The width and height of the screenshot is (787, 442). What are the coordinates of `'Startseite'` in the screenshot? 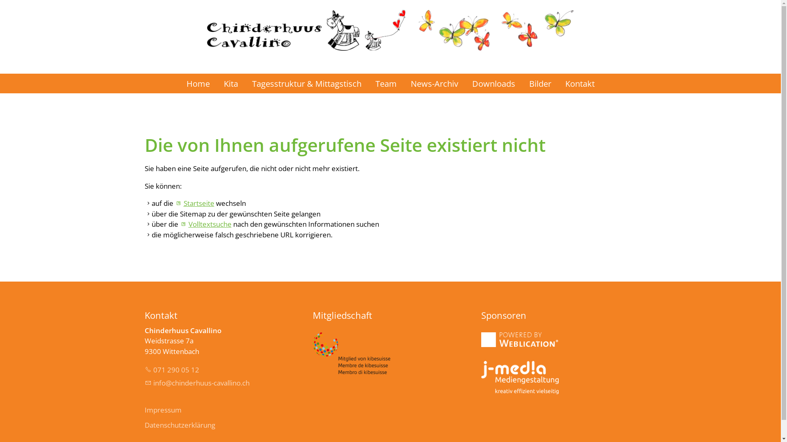 It's located at (194, 203).